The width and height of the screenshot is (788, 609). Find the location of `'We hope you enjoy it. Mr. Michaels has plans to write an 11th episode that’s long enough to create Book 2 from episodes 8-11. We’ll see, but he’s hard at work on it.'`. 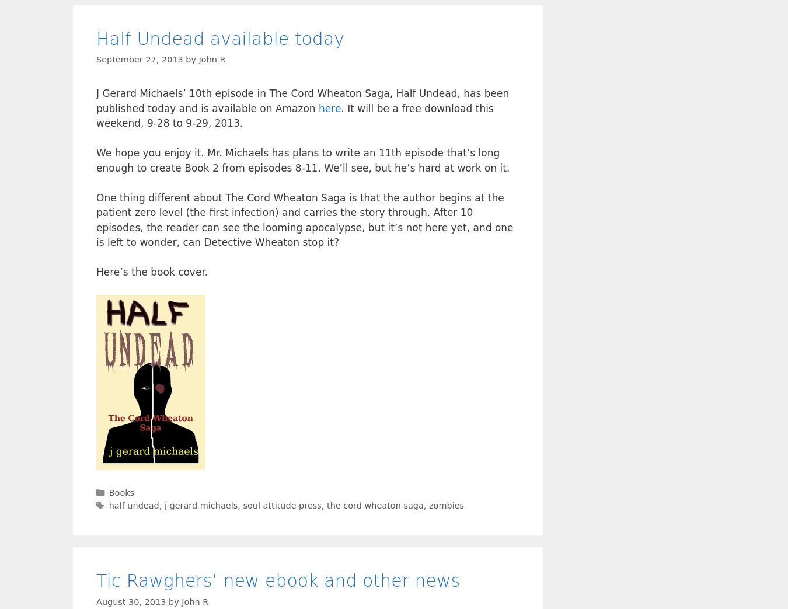

'We hope you enjoy it. Mr. Michaels has plans to write an 11th episode that’s long enough to create Book 2 from episodes 8-11. We’ll see, but he’s hard at work on it.' is located at coordinates (302, 160).